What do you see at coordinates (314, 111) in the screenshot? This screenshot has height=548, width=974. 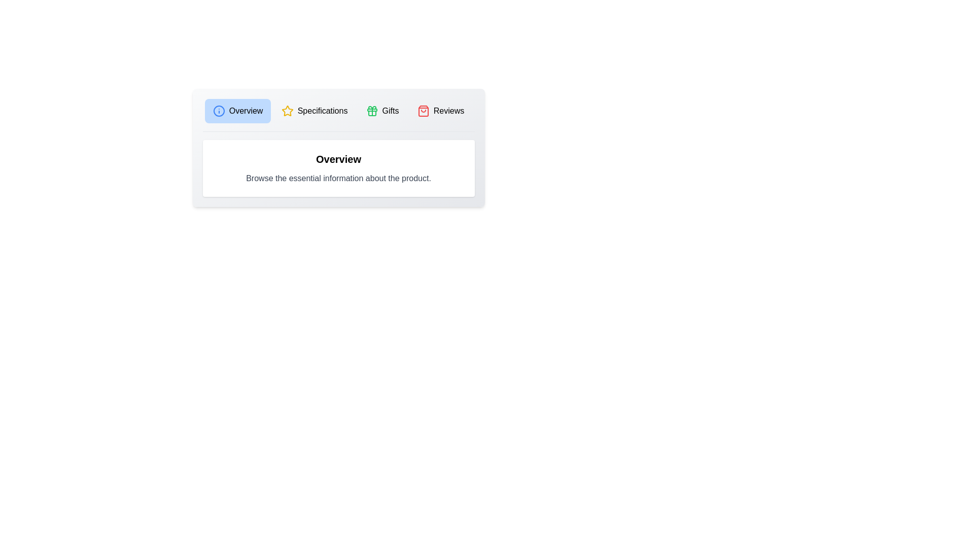 I see `the Specifications tab to display its content` at bounding box center [314, 111].